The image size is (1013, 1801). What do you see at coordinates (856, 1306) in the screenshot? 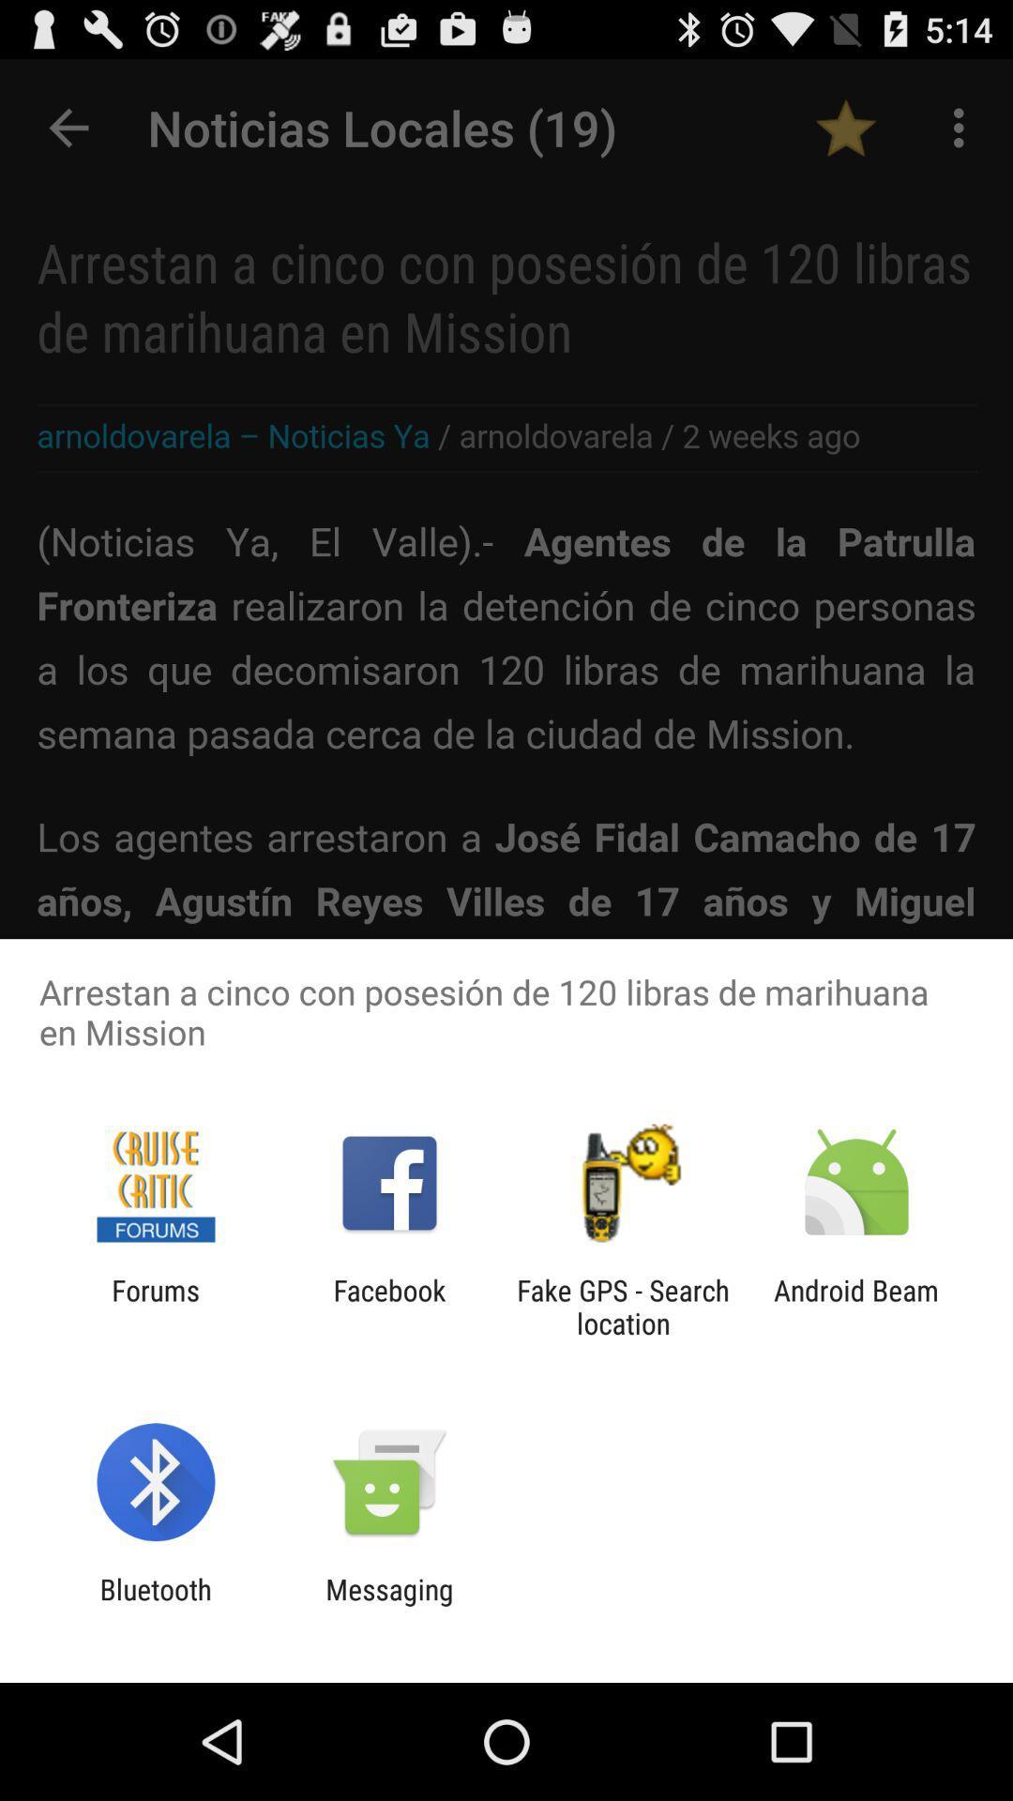
I see `the item at the bottom right corner` at bounding box center [856, 1306].